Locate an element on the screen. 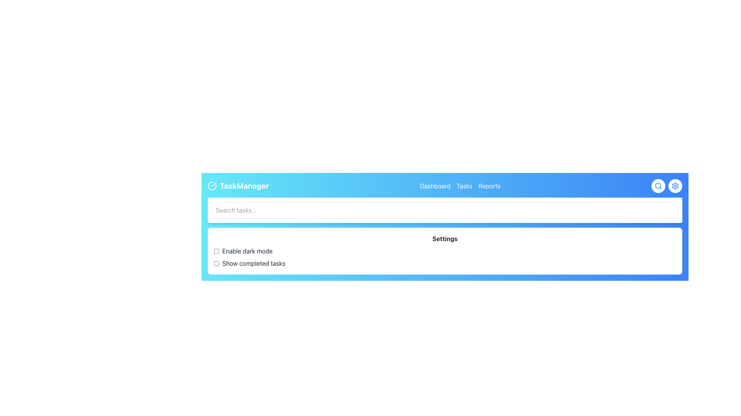 This screenshot has width=741, height=416. the search icon, which is a magnifying glass located in the upper blue header bar is located at coordinates (658, 186).